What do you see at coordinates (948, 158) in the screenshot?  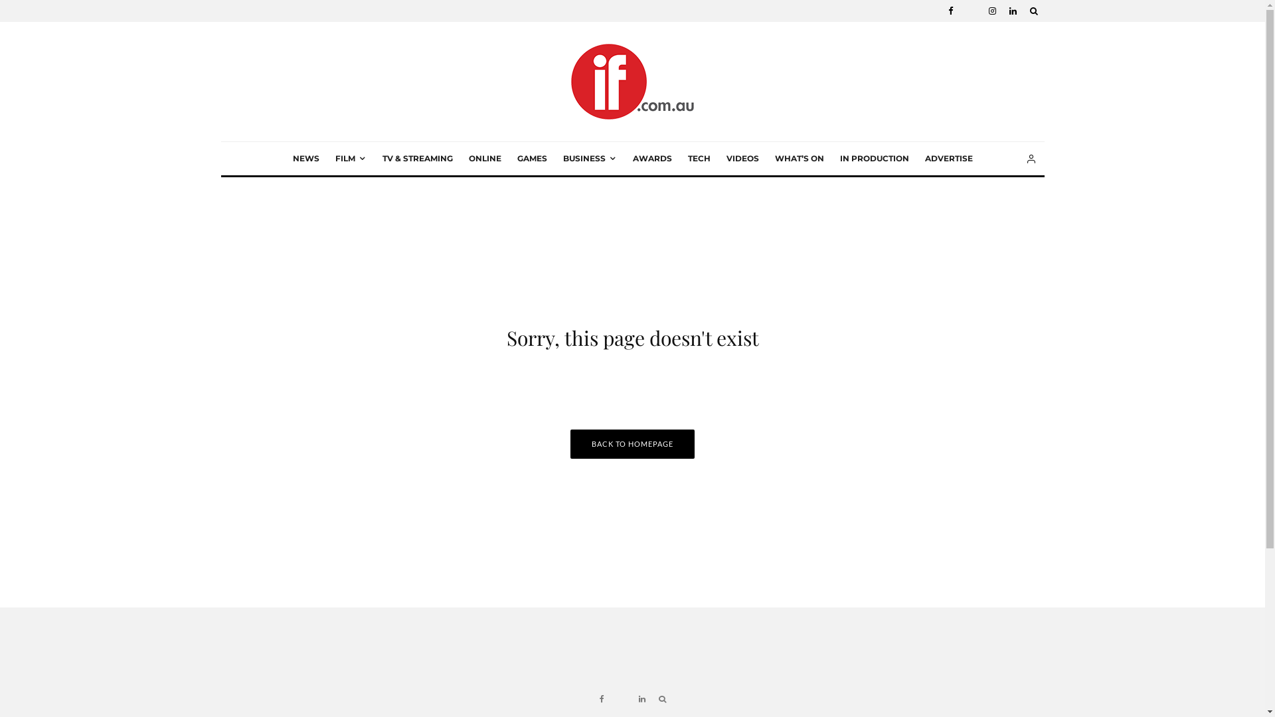 I see `'ADVERTISE'` at bounding box center [948, 158].